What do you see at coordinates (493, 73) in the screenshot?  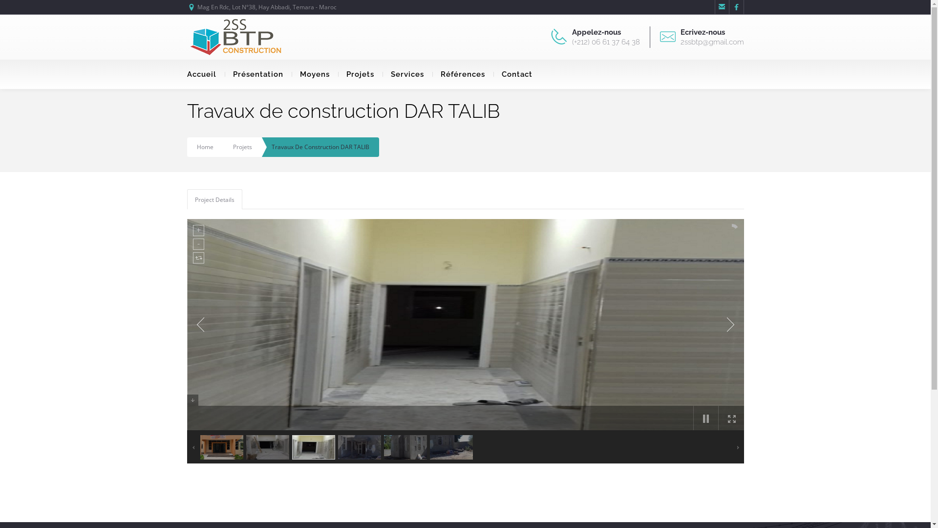 I see `'Contact'` at bounding box center [493, 73].